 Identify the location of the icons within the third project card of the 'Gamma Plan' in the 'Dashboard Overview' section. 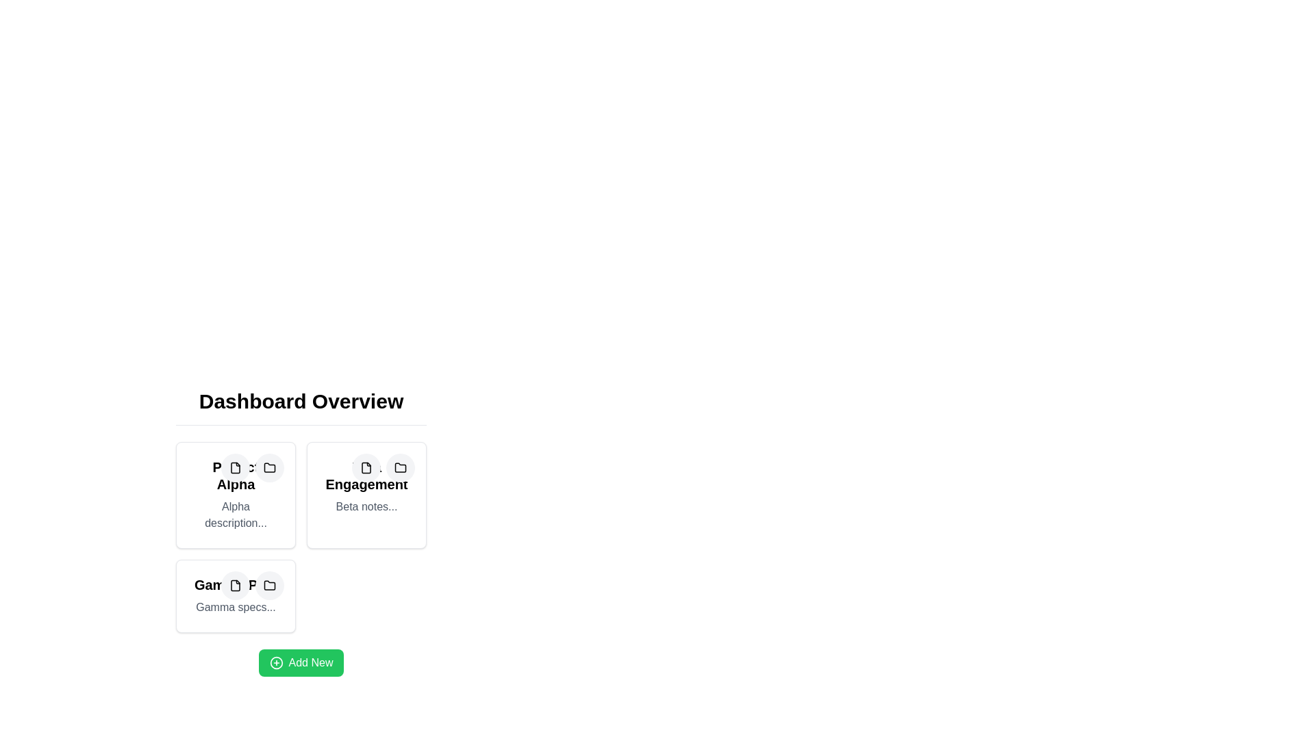
(236, 595).